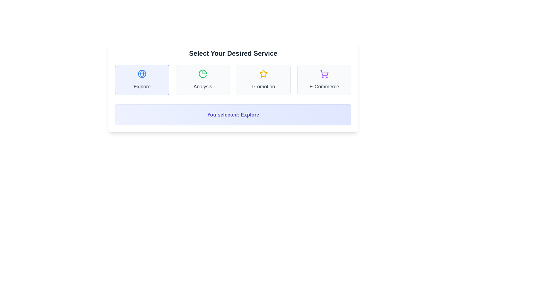 The image size is (535, 301). What do you see at coordinates (142, 80) in the screenshot?
I see `the 'Explore' button, which is the first button in a horizontal grid layout, characterized by a light indigo background and a globe icon, to trigger a visual effect` at bounding box center [142, 80].